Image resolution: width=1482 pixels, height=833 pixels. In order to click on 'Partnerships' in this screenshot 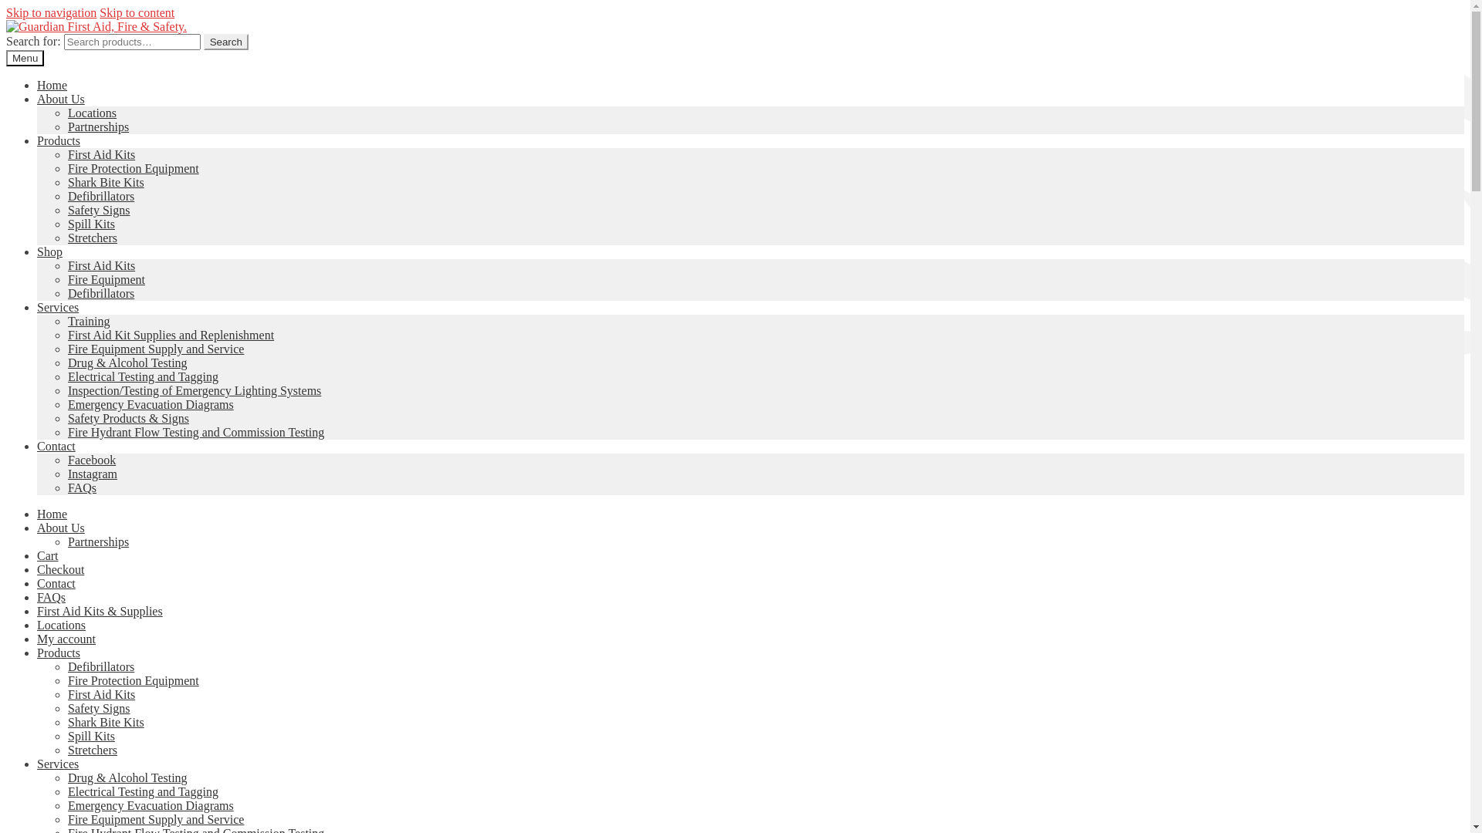, I will do `click(66, 541)`.